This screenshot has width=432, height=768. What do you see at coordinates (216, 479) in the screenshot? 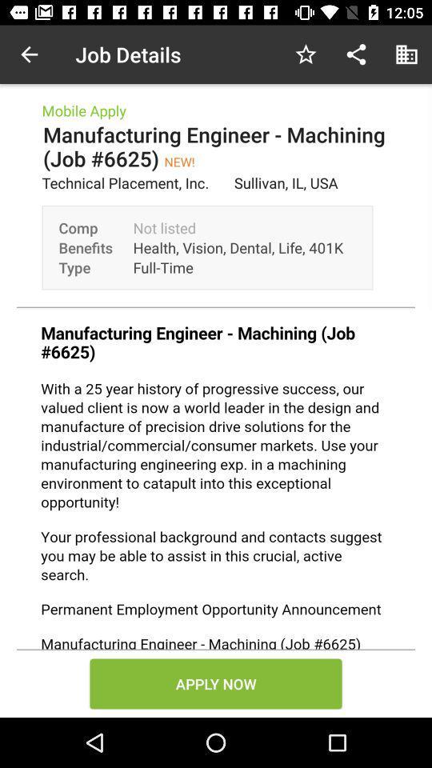
I see `open page` at bounding box center [216, 479].